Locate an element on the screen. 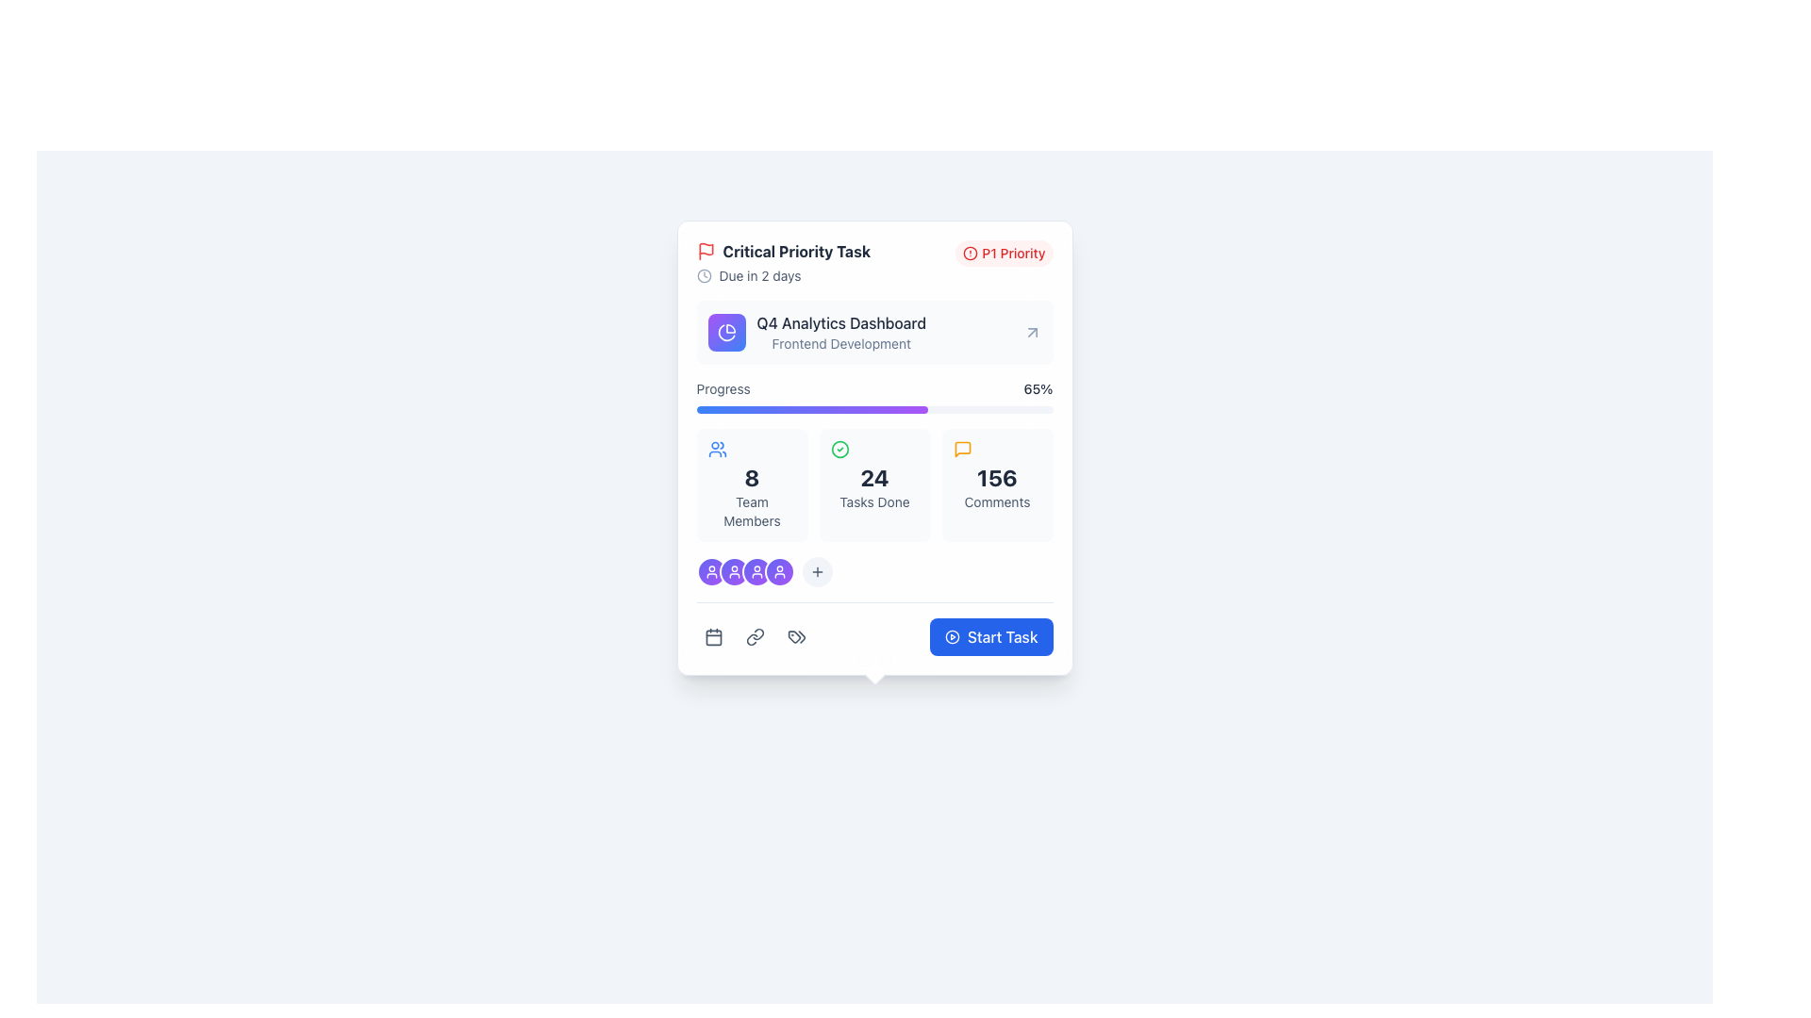 The height and width of the screenshot is (1018, 1811). the status icon representing completed tasks, which is located to the left of the number '24' and above the text 'Tasks Done' in the dashboard card interface is located at coordinates (839, 450).